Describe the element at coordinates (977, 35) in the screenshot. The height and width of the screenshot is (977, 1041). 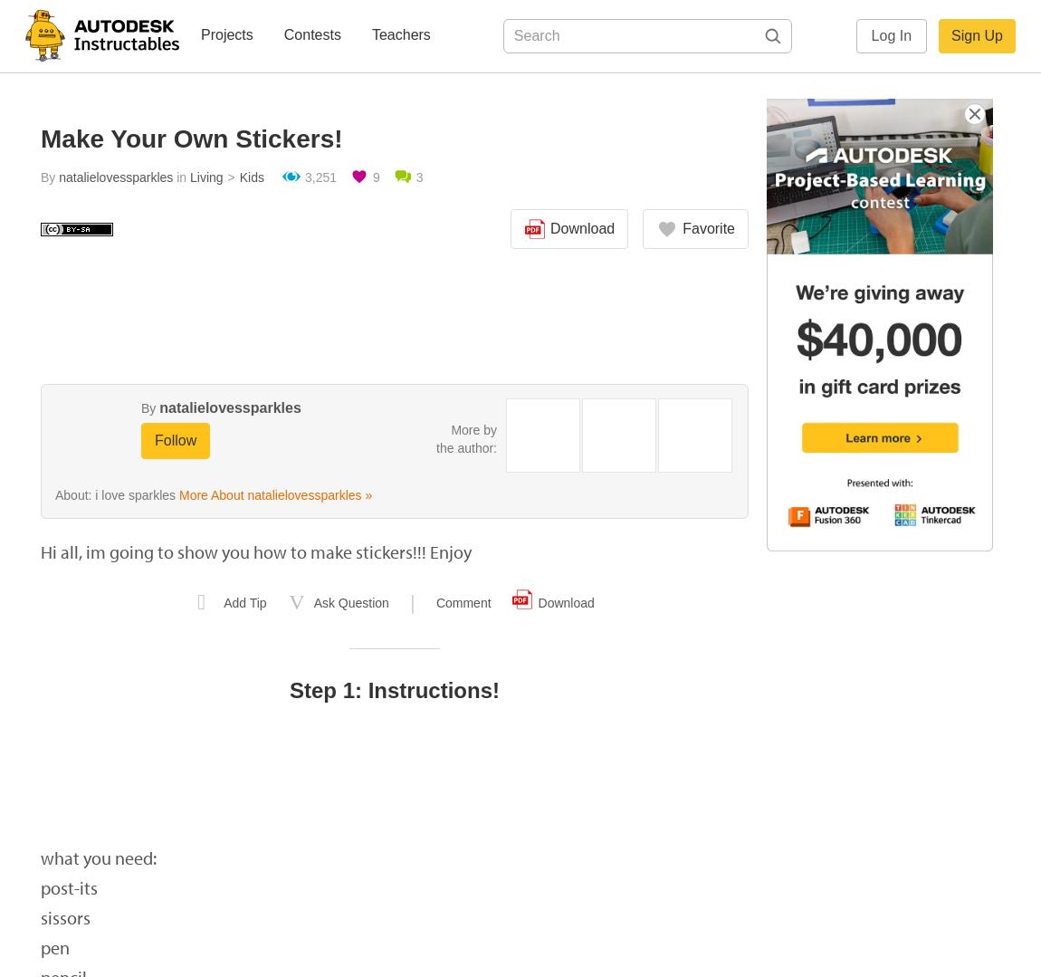
I see `'Sign Up'` at that location.